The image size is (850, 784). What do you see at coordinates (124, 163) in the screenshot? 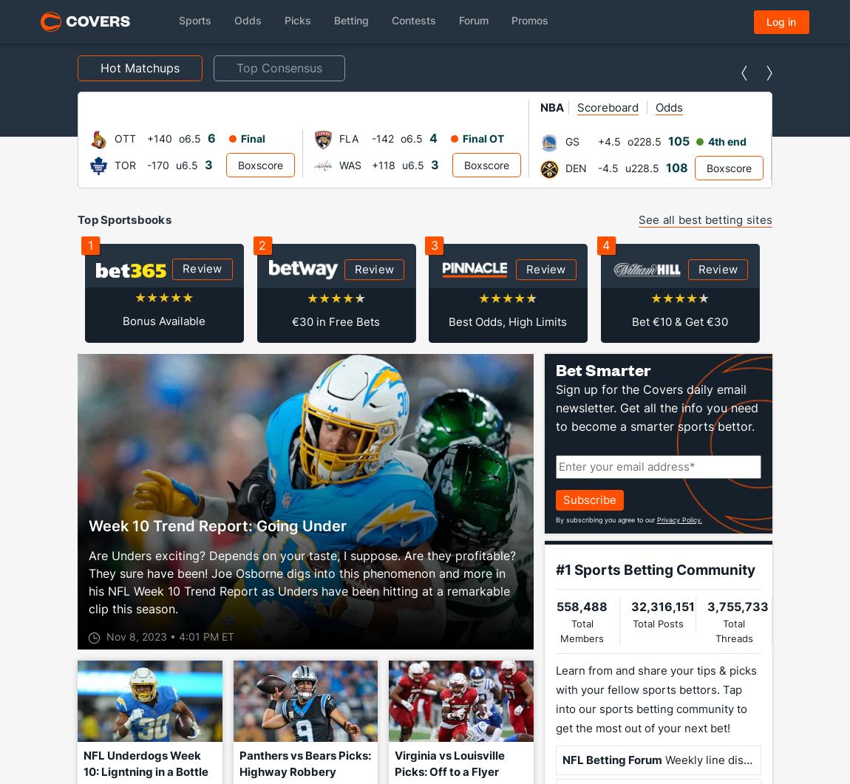
I see `'WAS'` at bounding box center [124, 163].